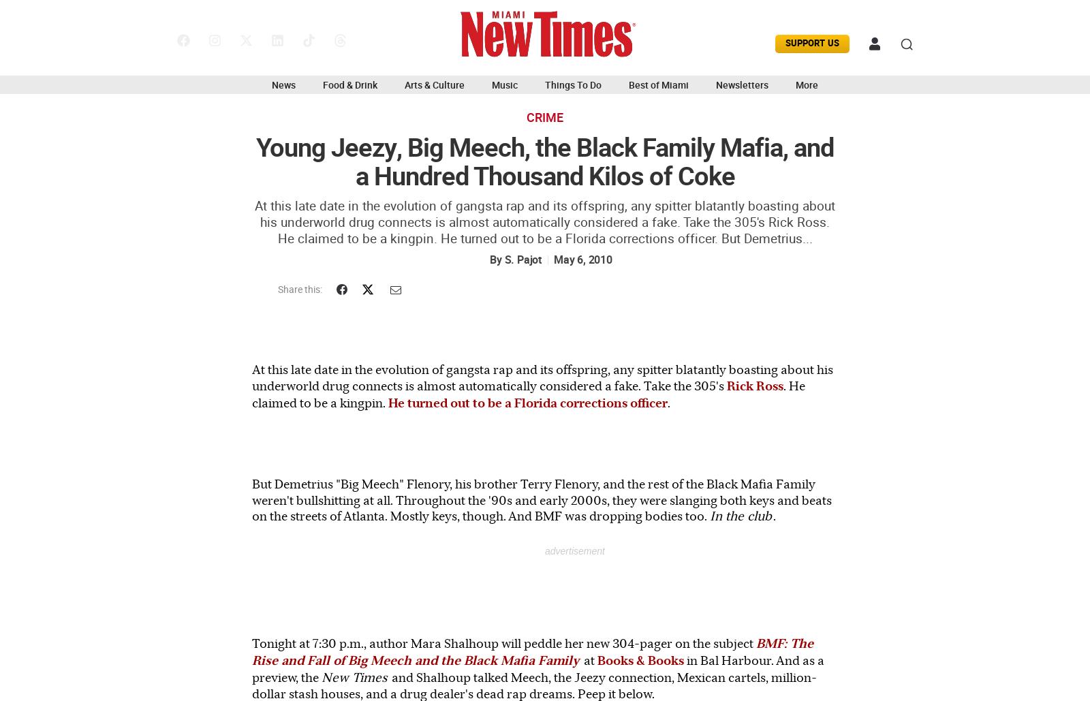  I want to click on 'Food & Drink', so click(349, 84).